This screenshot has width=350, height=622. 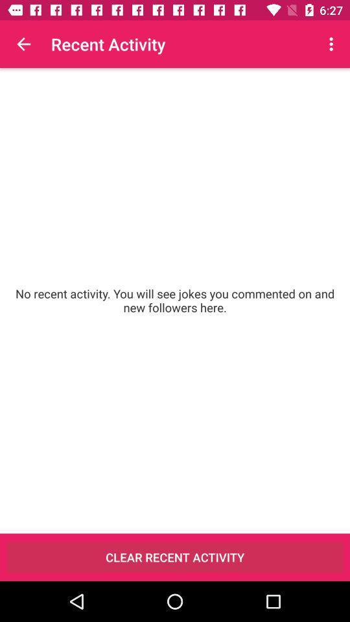 I want to click on the item to the right of recent activity app, so click(x=332, y=44).